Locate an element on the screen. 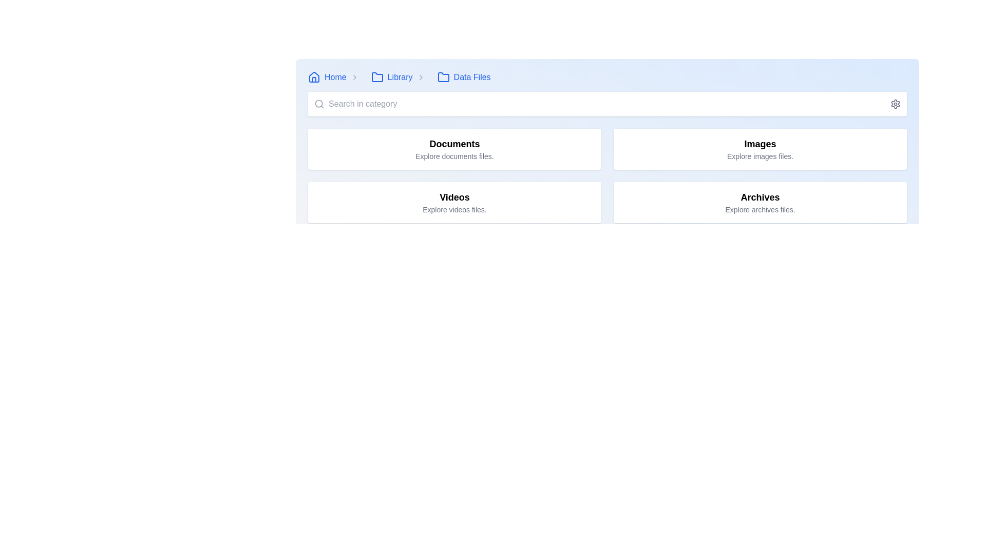  the static text label that reads 'Explore archives files.' located below the main title 'Archives' within the 'Archives' card is located at coordinates (760, 209).